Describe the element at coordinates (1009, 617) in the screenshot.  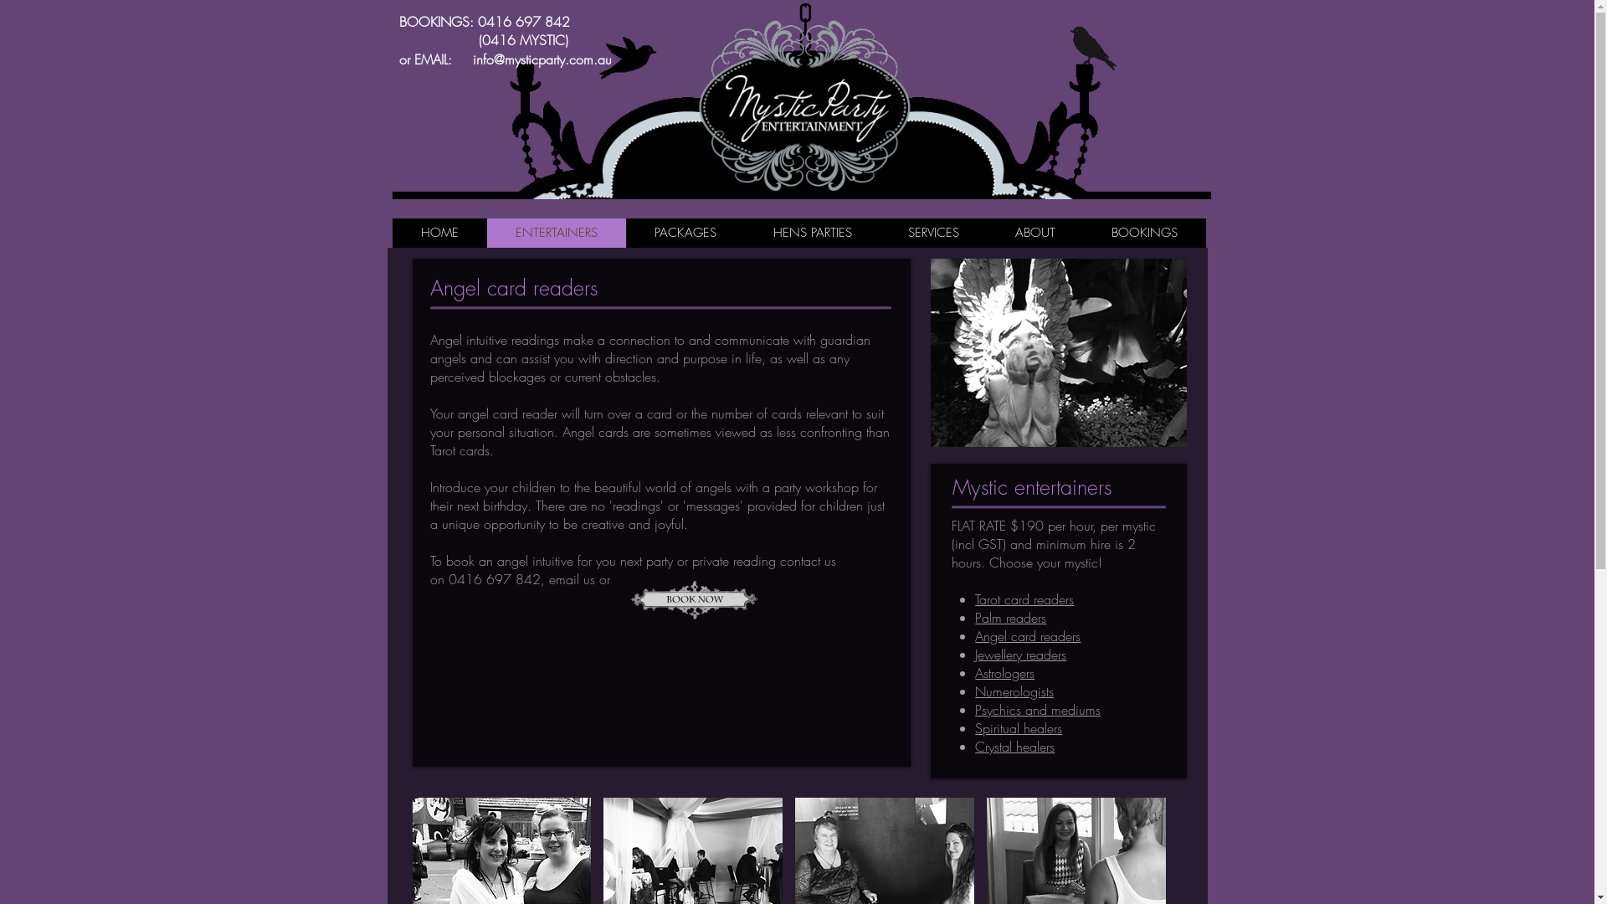
I see `'Palm readers'` at that location.